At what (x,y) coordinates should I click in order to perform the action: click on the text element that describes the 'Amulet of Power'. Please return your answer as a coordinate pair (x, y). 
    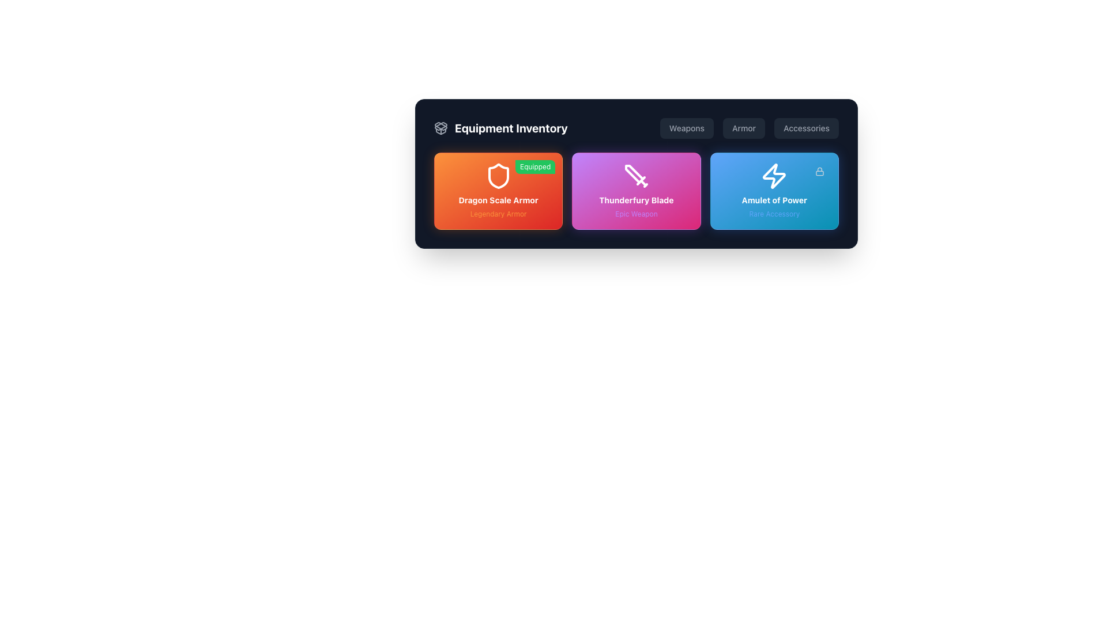
    Looking at the image, I should click on (774, 206).